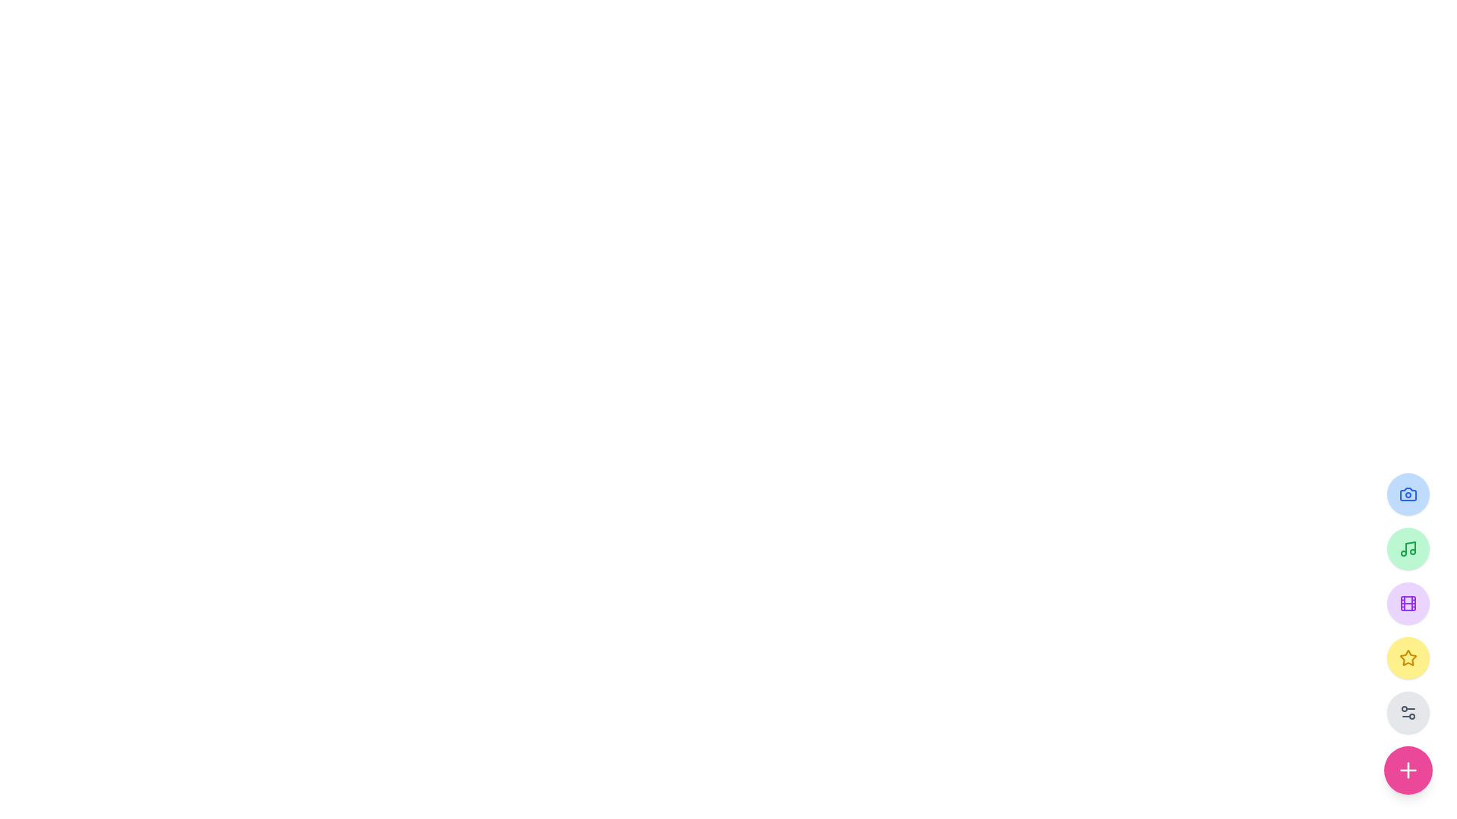  Describe the element at coordinates (1408, 602) in the screenshot. I see `the circular button with a purple background and a white film reel icon to change its appearance` at that location.